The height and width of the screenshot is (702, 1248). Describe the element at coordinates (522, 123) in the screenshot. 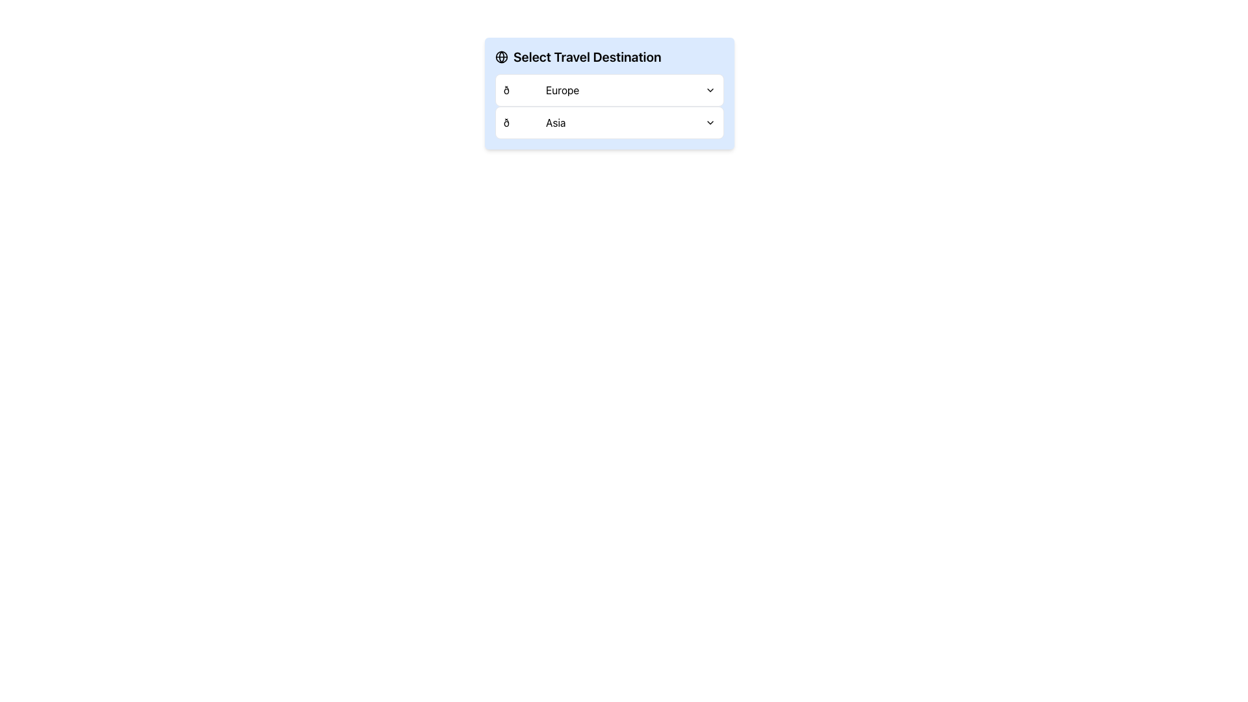

I see `the content of the decorative emoji character located to the left of the text 'Asia' in the second row of the dropdown options` at that location.